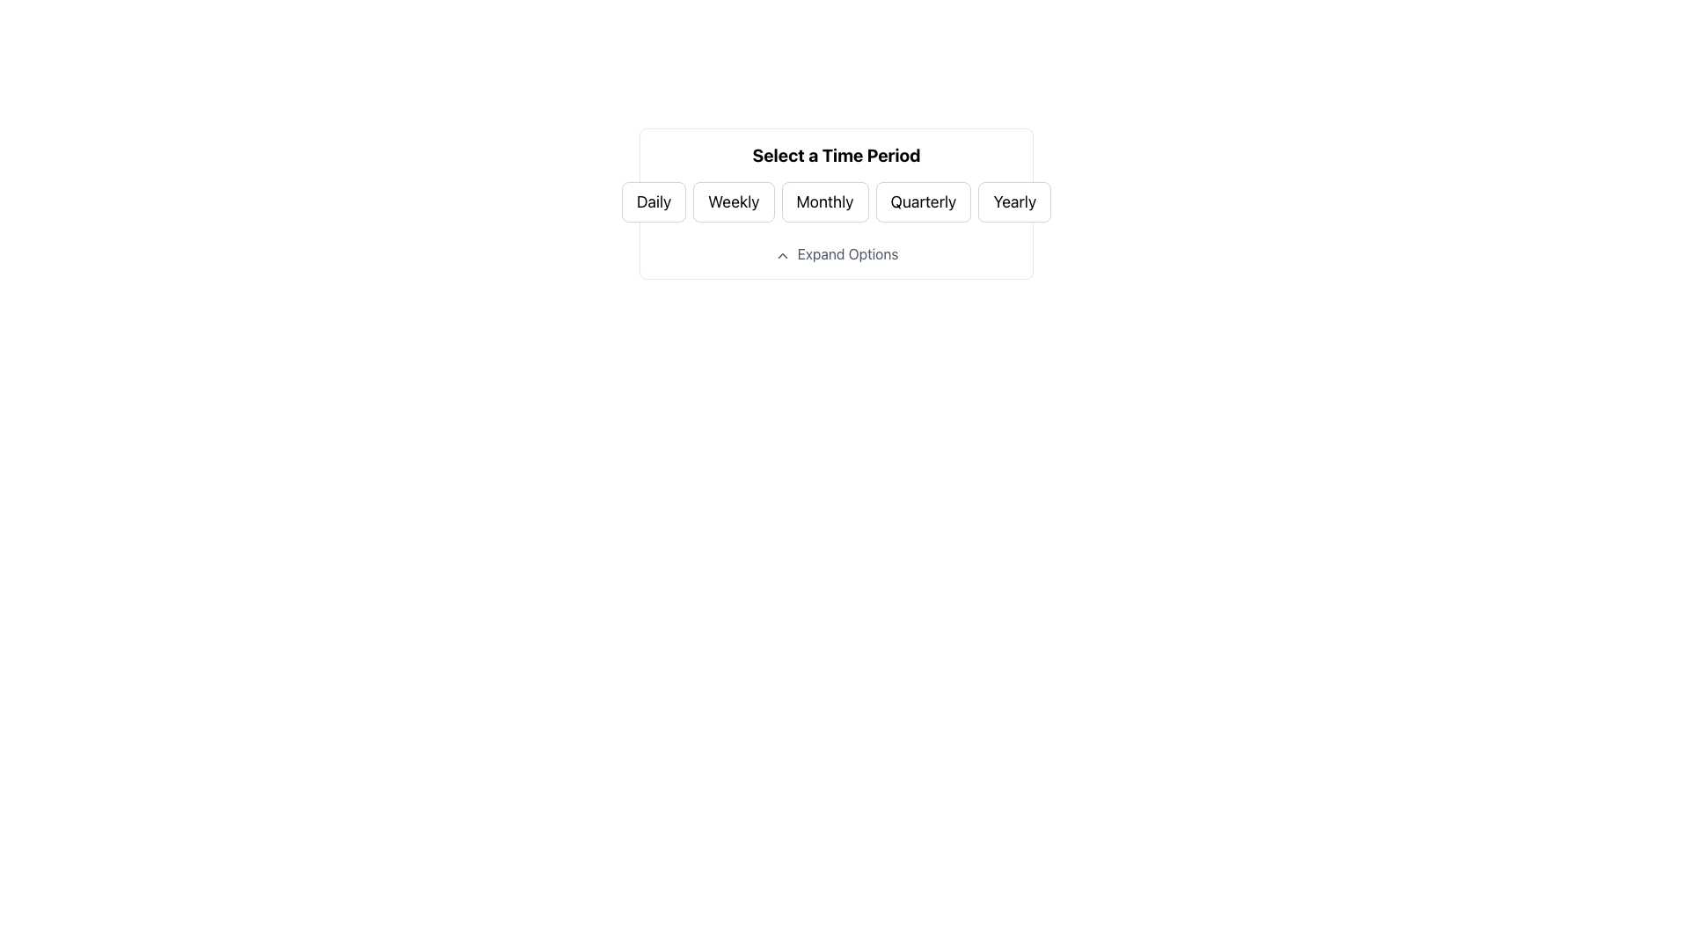  I want to click on the 'Monthly' button in the row of time period selection buttons, which is styled with a white background and gray borders, so click(835, 201).